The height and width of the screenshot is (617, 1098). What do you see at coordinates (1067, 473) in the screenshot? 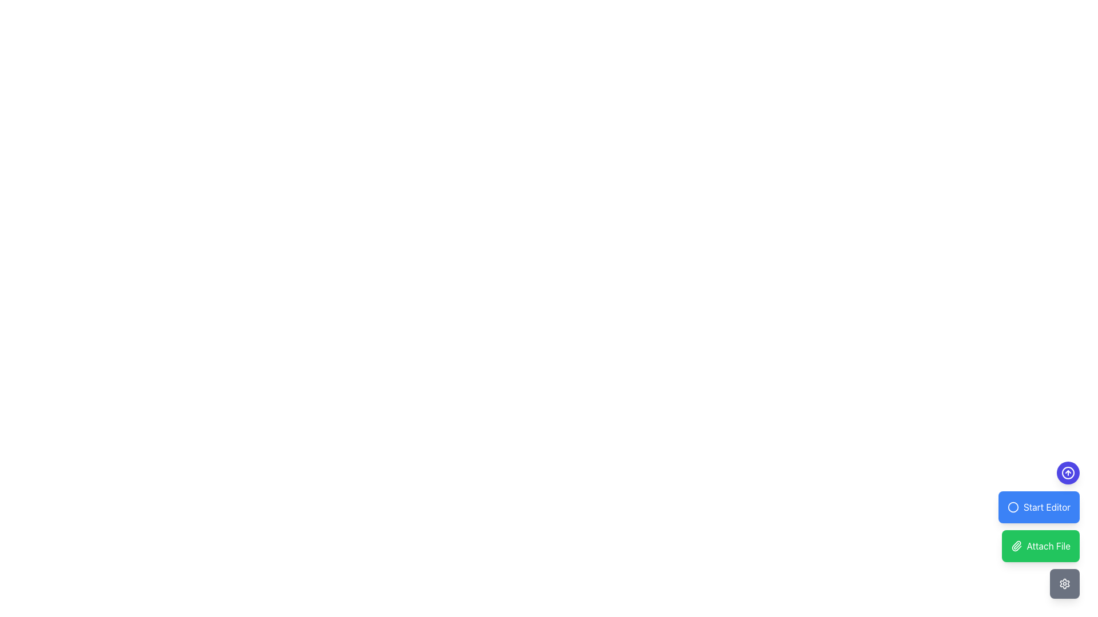
I see `the circular icon-based button with an upward arrow` at bounding box center [1067, 473].